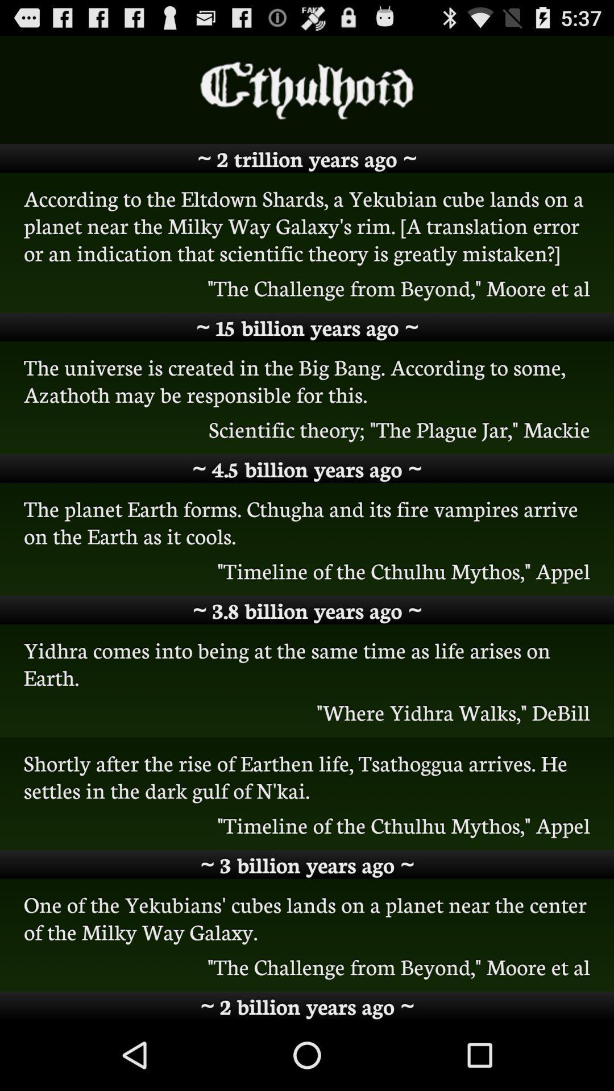  Describe the element at coordinates (307, 380) in the screenshot. I see `the item above scientific theory the icon` at that location.